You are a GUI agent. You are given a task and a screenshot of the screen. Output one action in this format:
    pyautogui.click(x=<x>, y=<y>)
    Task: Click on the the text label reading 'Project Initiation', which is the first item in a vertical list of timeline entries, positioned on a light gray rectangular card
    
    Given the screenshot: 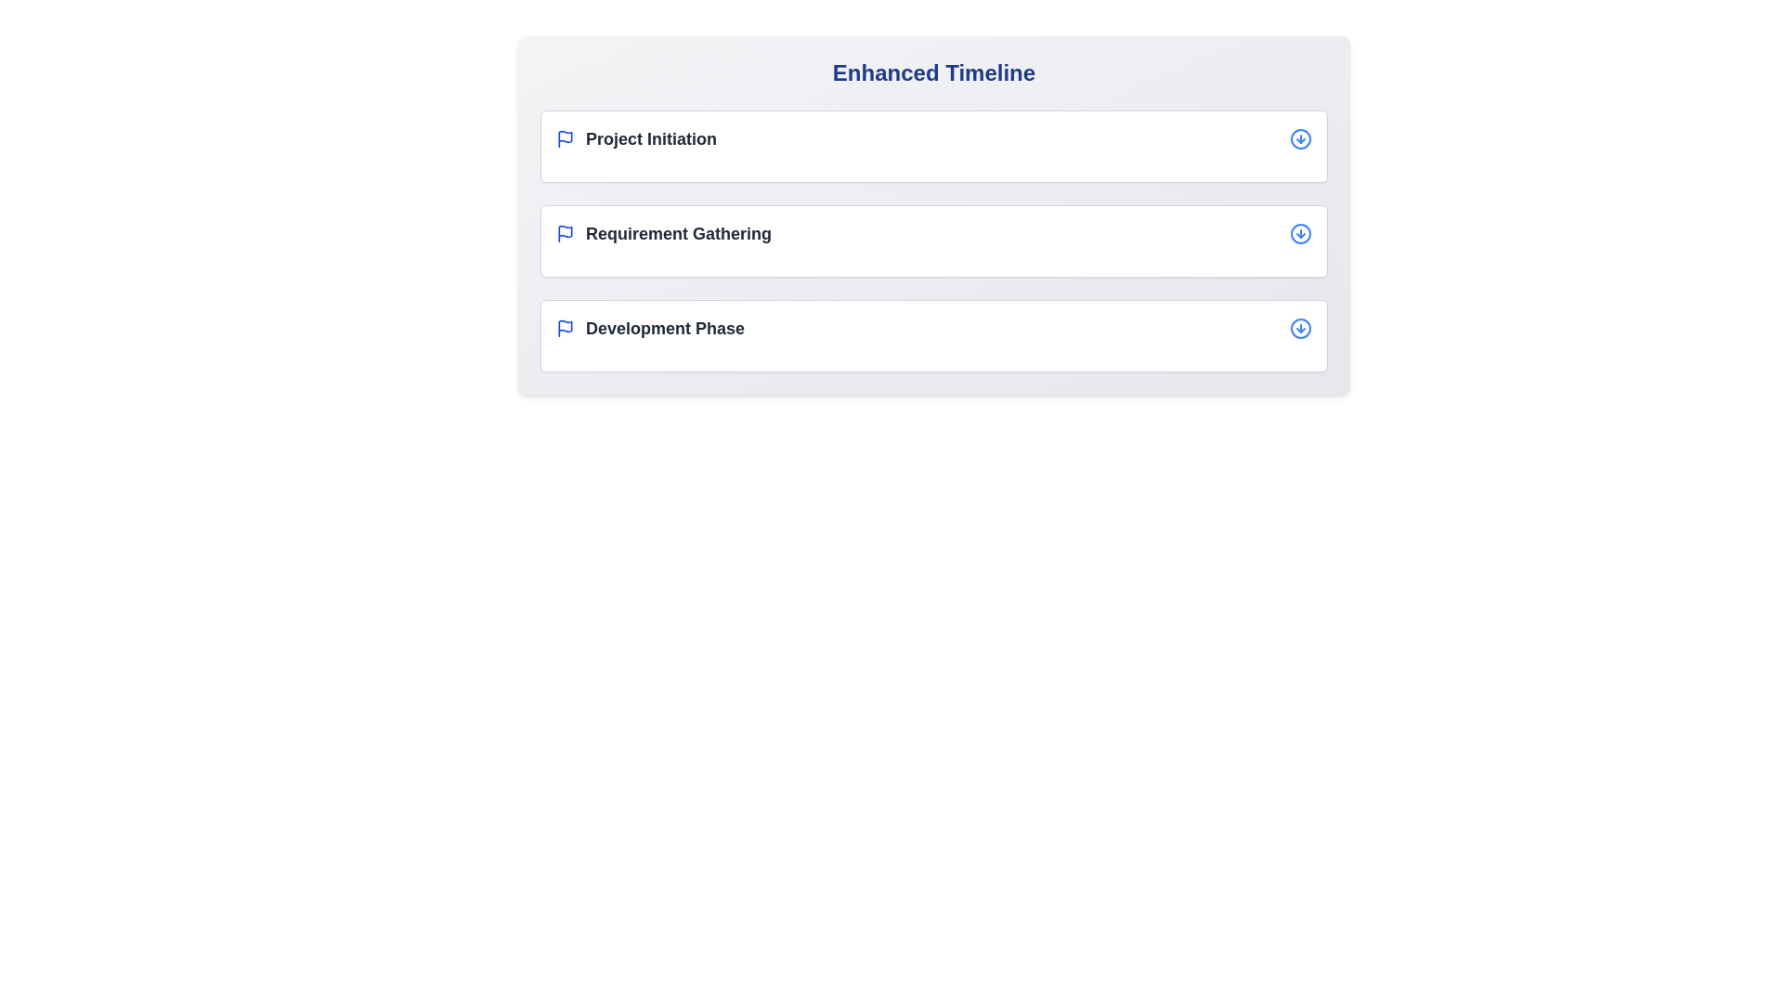 What is the action you would take?
    pyautogui.click(x=651, y=138)
    